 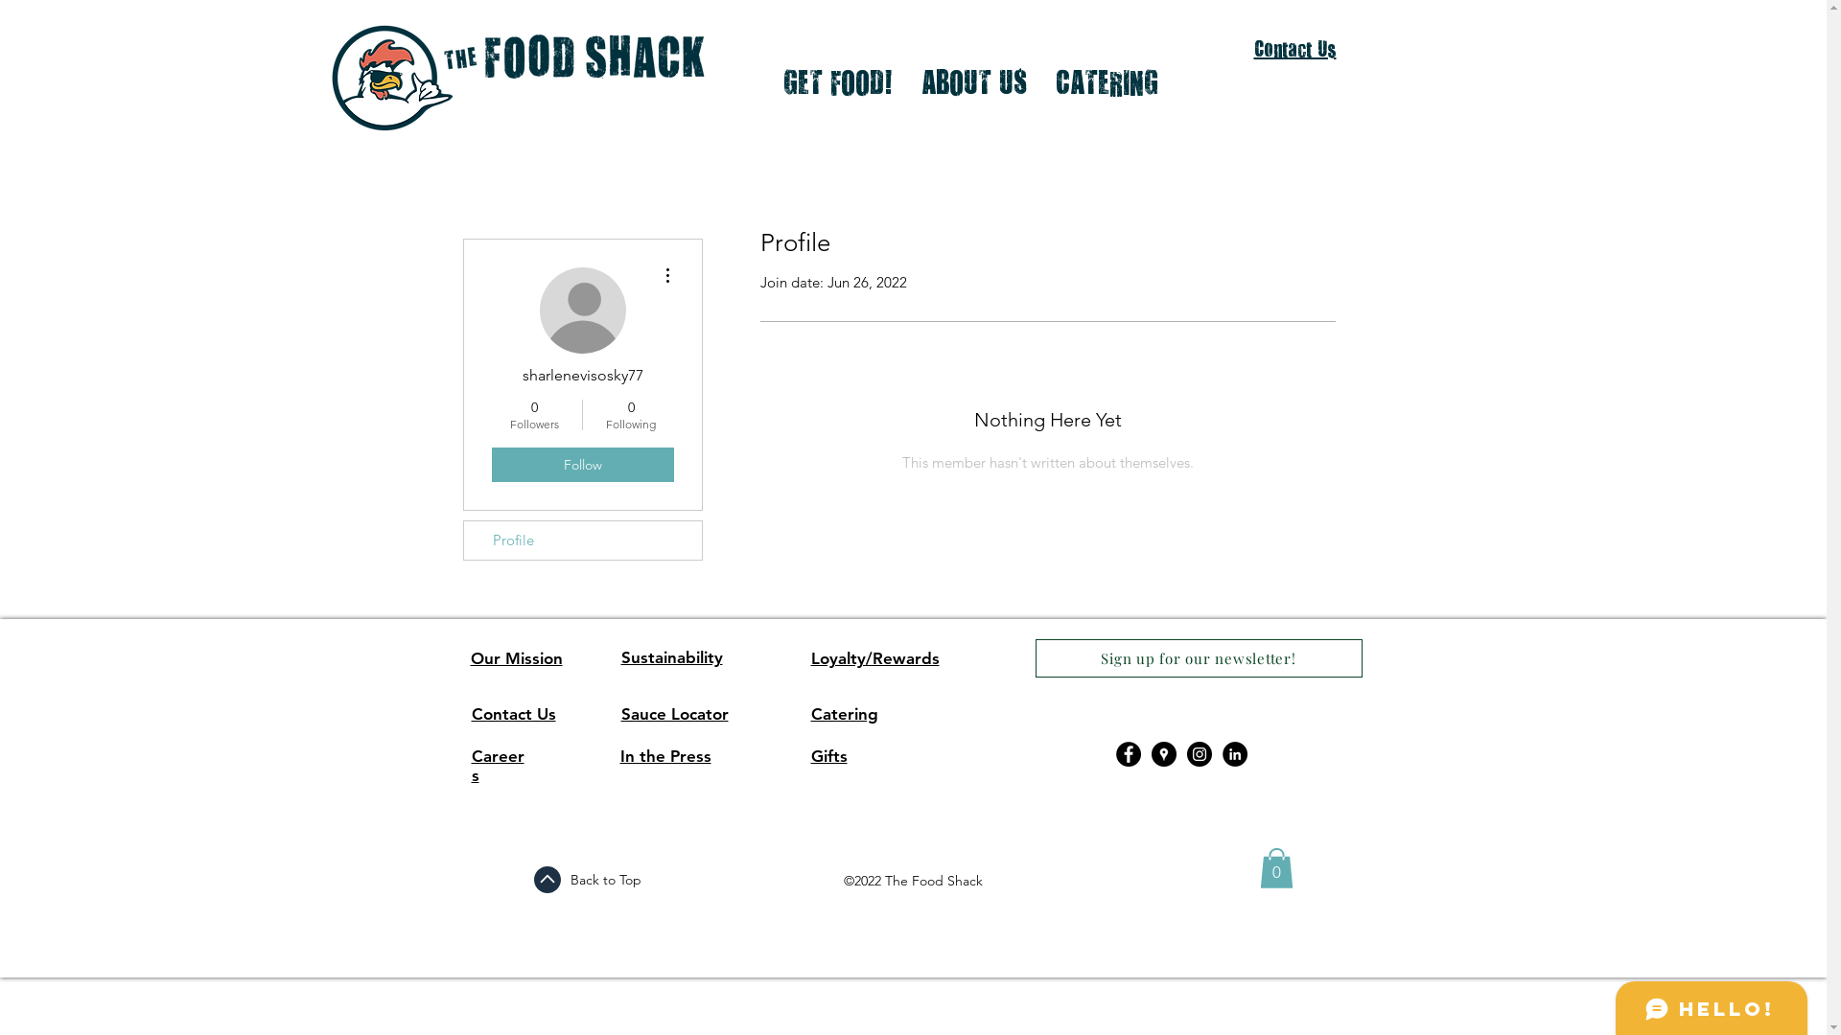 What do you see at coordinates (664, 755) in the screenshot?
I see `'In the Press'` at bounding box center [664, 755].